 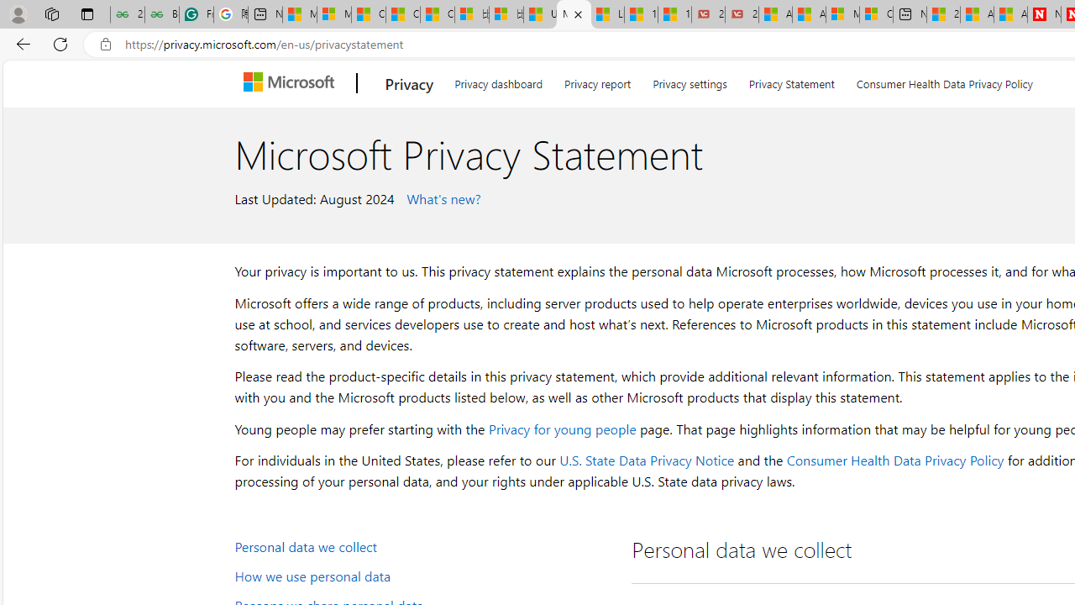 I want to click on '25 Basic Linux Commands For Beginners - GeeksforGeeks', so click(x=126, y=14).